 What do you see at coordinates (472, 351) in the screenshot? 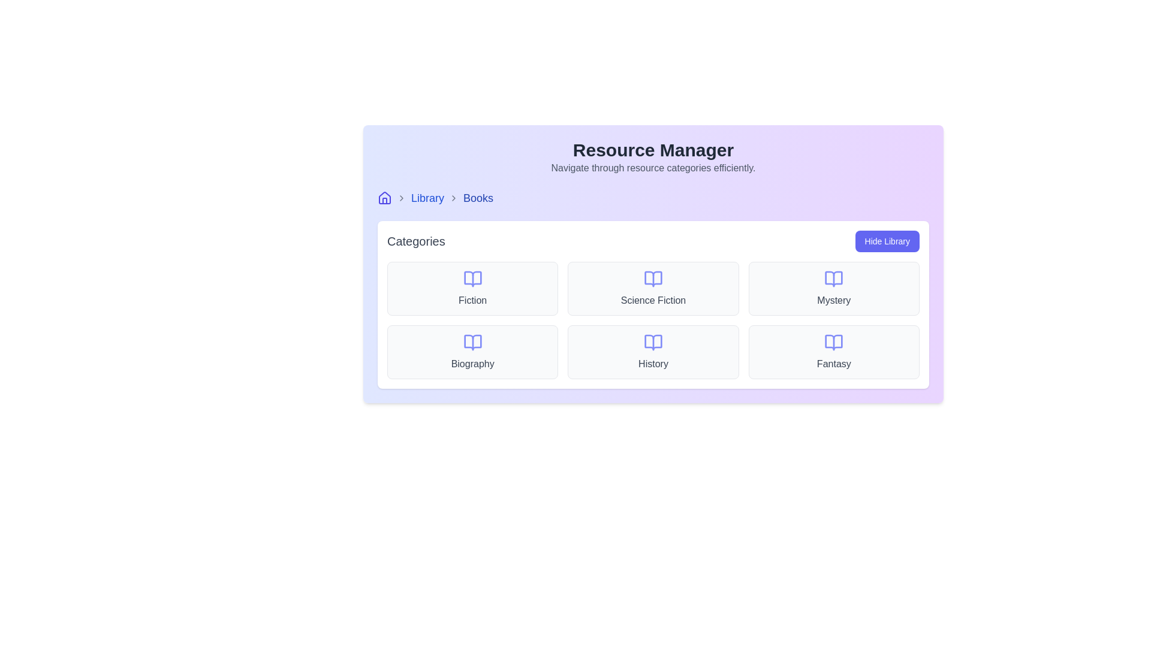
I see `the 'Biography' category card, which is a rectangular card with a light gray background and a lavender book icon, located in the second row, first column of the 'Categories' grid` at bounding box center [472, 351].